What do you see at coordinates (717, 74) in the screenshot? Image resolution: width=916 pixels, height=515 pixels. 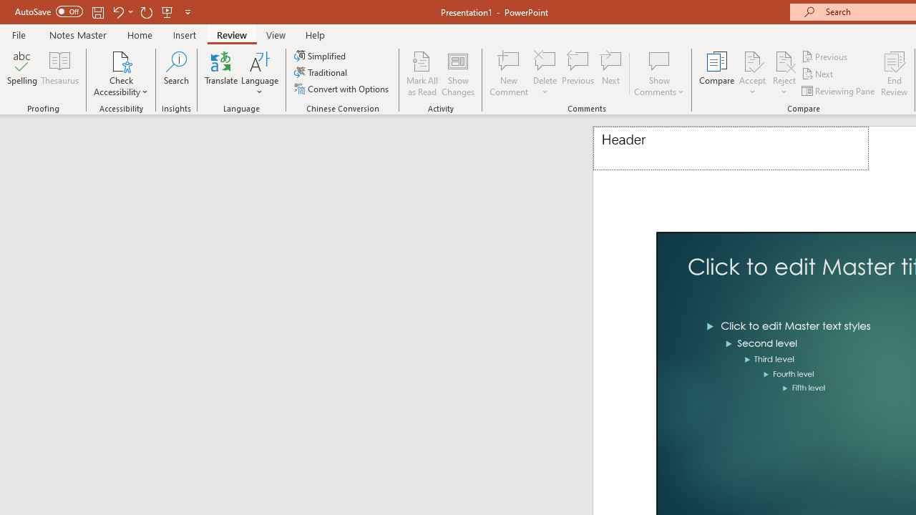 I see `'Compare'` at bounding box center [717, 74].